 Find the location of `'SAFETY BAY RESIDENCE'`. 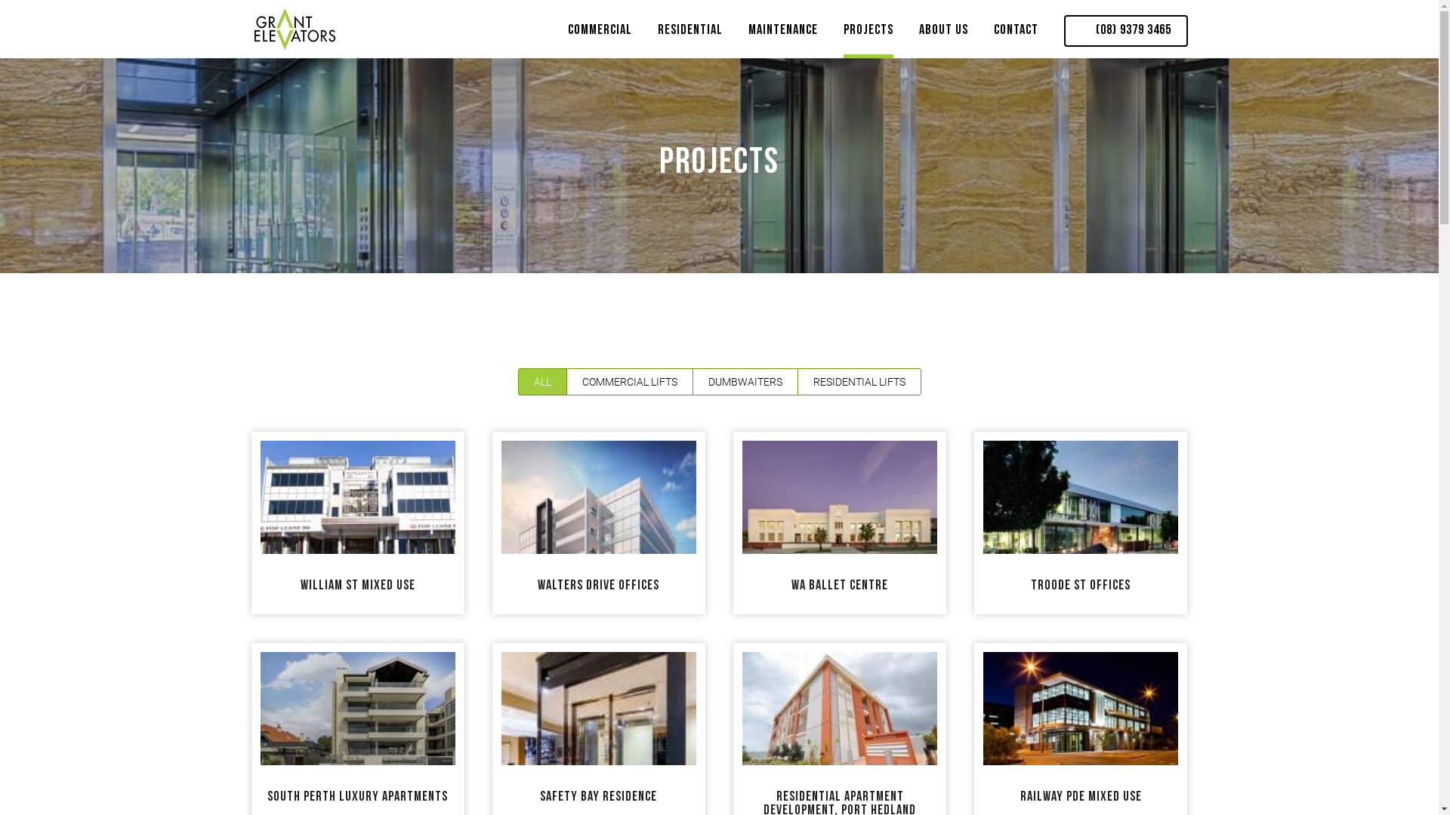

'SAFETY BAY RESIDENCE' is located at coordinates (597, 796).